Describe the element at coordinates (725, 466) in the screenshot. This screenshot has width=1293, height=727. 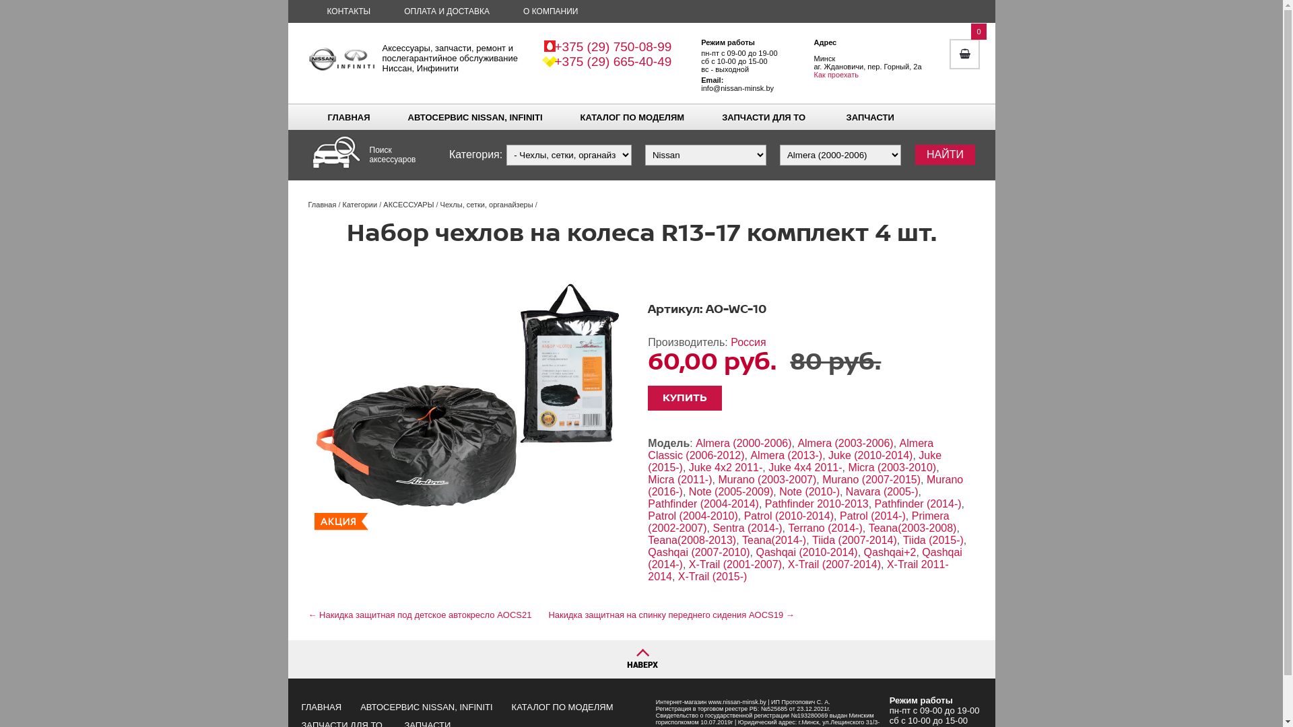
I see `'Juke 4x2 2011-'` at that location.